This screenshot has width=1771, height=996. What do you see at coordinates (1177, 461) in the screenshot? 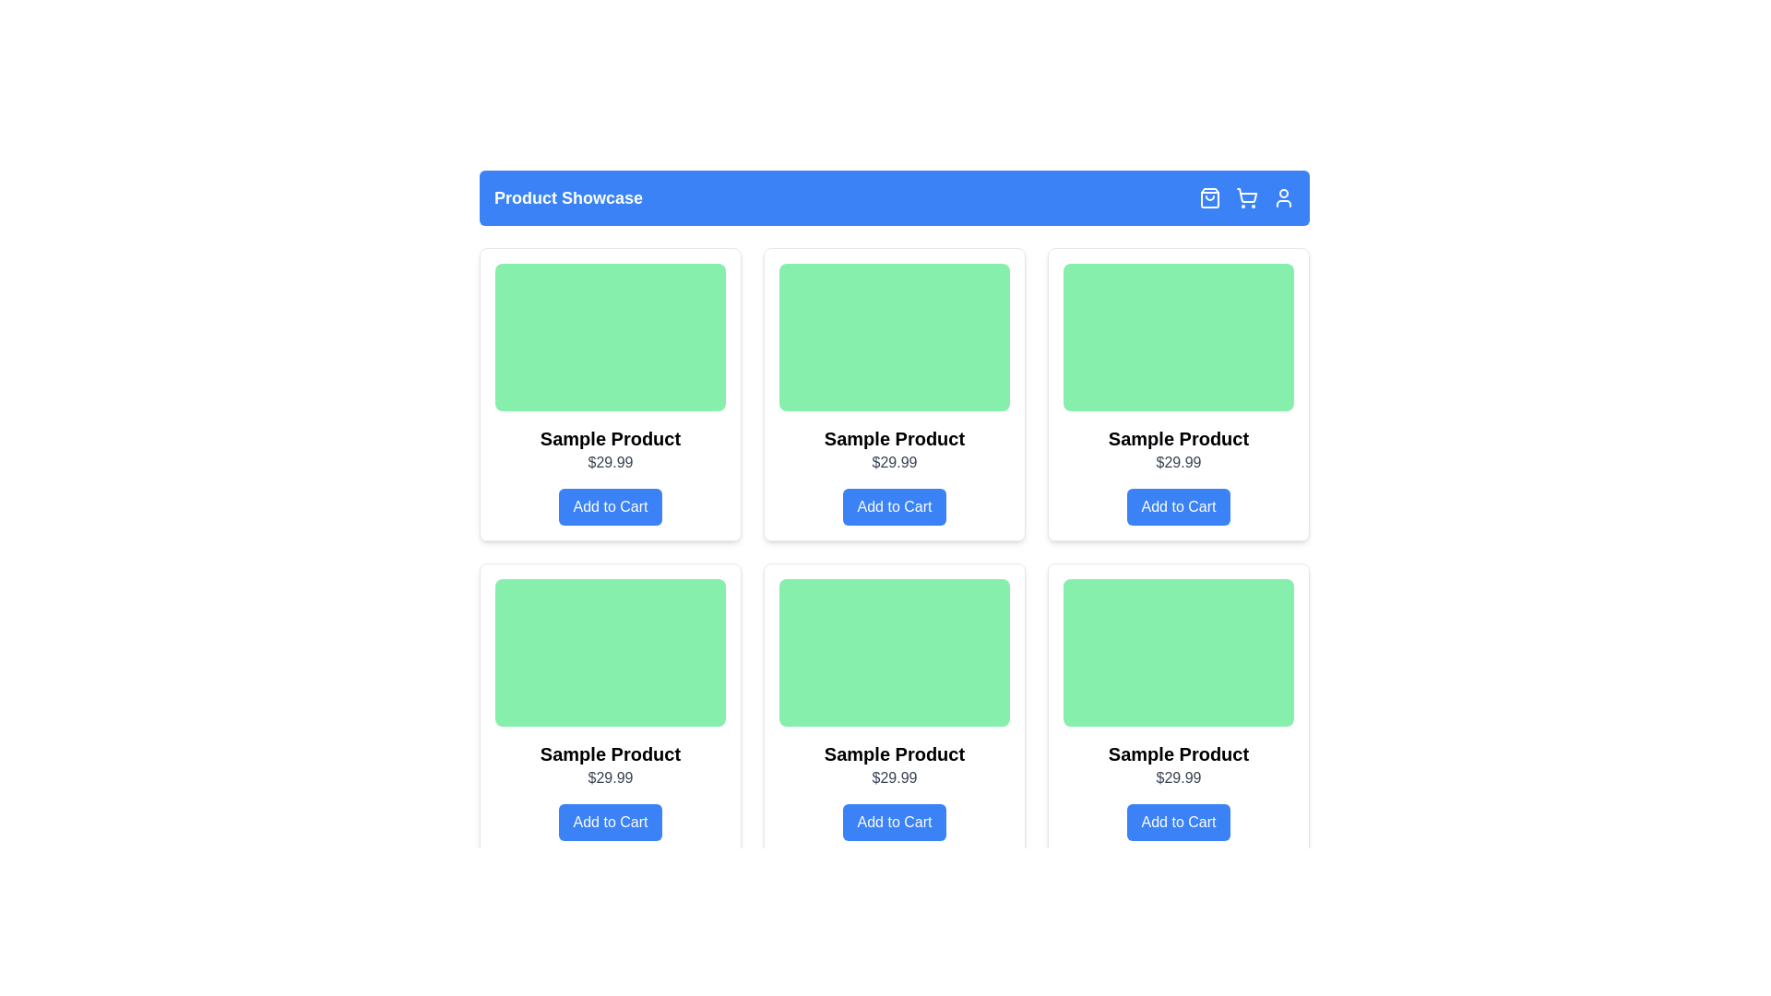
I see `the price label displaying '$29.99', which is located within the product card in the third column of the top row, directly beneath the title 'Sample Product'` at bounding box center [1177, 461].